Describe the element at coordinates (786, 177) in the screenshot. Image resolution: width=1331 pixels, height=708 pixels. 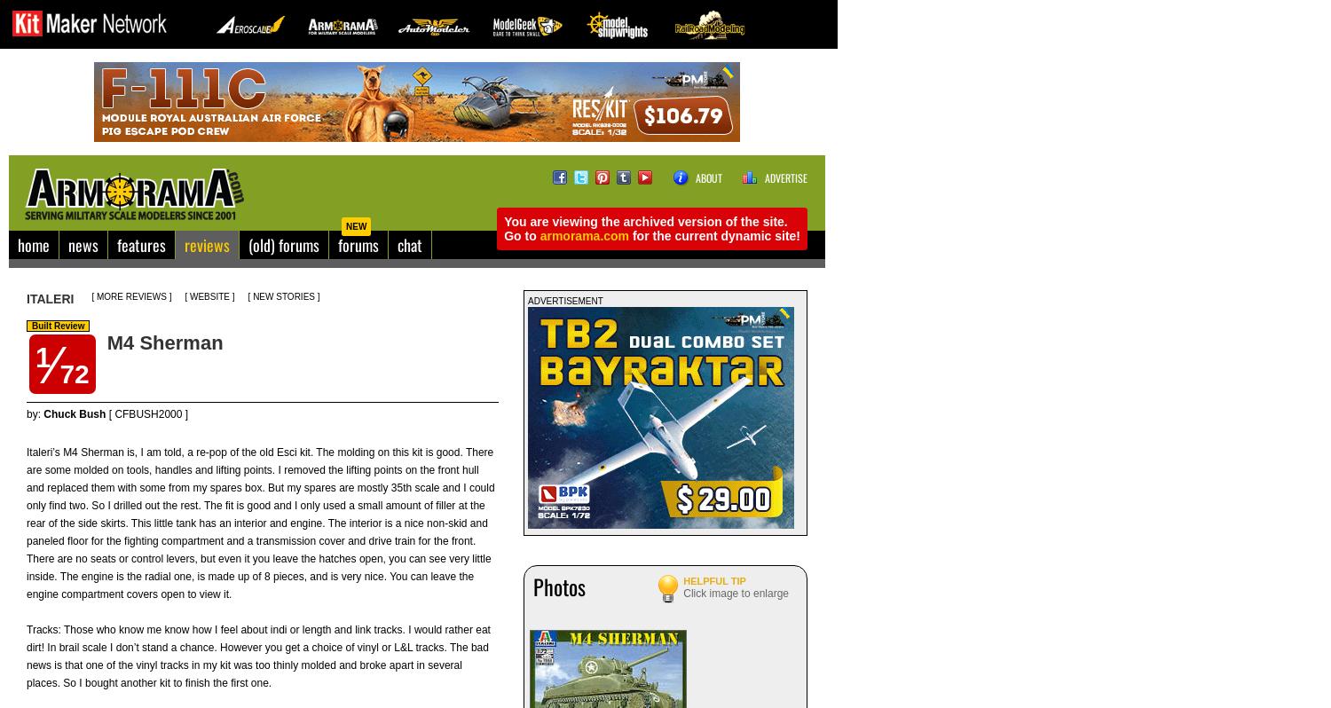
I see `'ADVERTISE'` at that location.